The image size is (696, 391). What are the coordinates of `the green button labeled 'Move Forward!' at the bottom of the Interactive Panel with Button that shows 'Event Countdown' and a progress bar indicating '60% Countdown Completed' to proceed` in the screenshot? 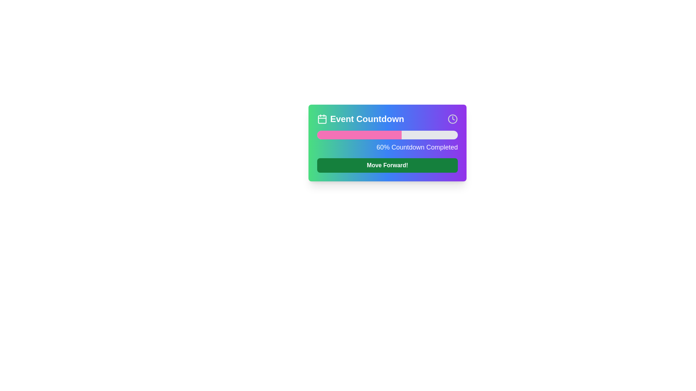 It's located at (387, 160).